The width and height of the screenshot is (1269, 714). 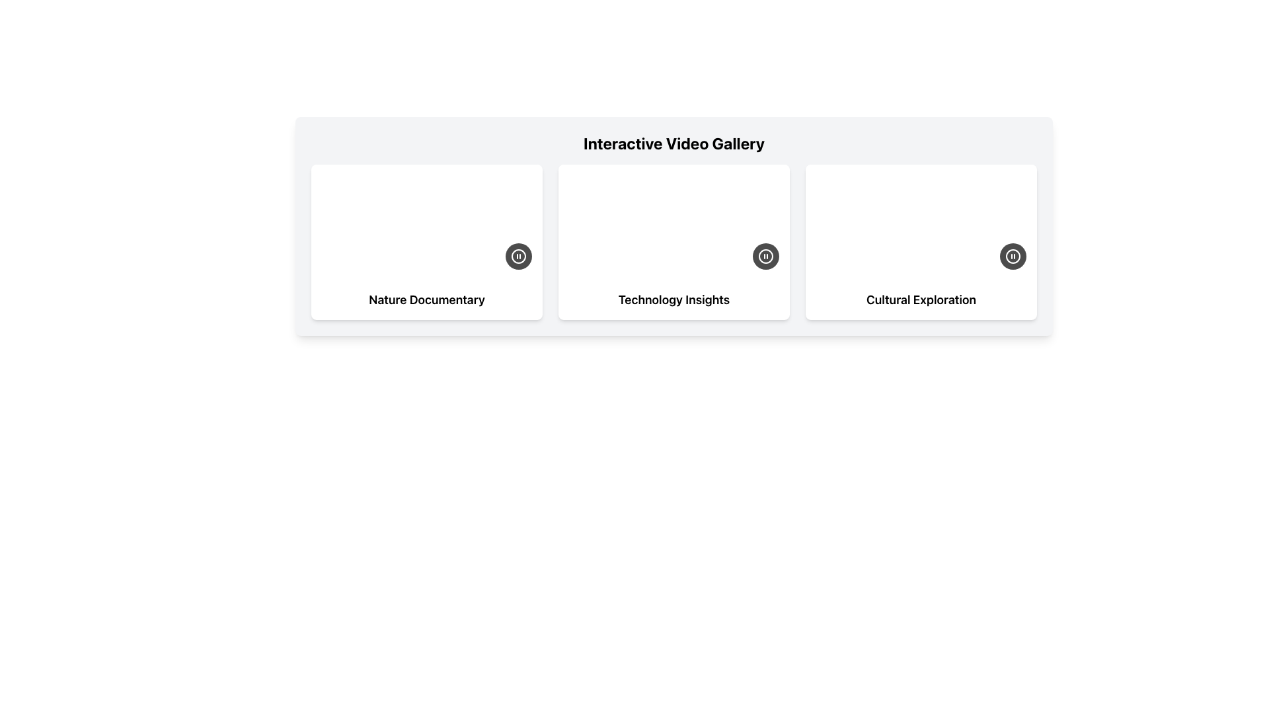 I want to click on text from the Text Label located in the lower part of the leftmost card in a horizontally aligned set of three cards, so click(x=427, y=300).